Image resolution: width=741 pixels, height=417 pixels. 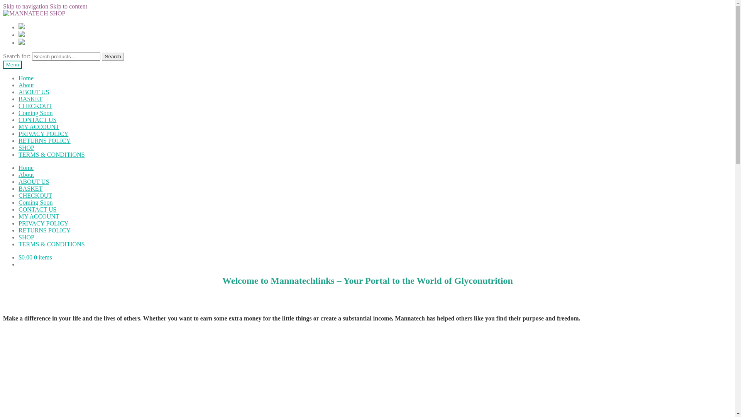 I want to click on '$0.00 0 items', so click(x=35, y=257).